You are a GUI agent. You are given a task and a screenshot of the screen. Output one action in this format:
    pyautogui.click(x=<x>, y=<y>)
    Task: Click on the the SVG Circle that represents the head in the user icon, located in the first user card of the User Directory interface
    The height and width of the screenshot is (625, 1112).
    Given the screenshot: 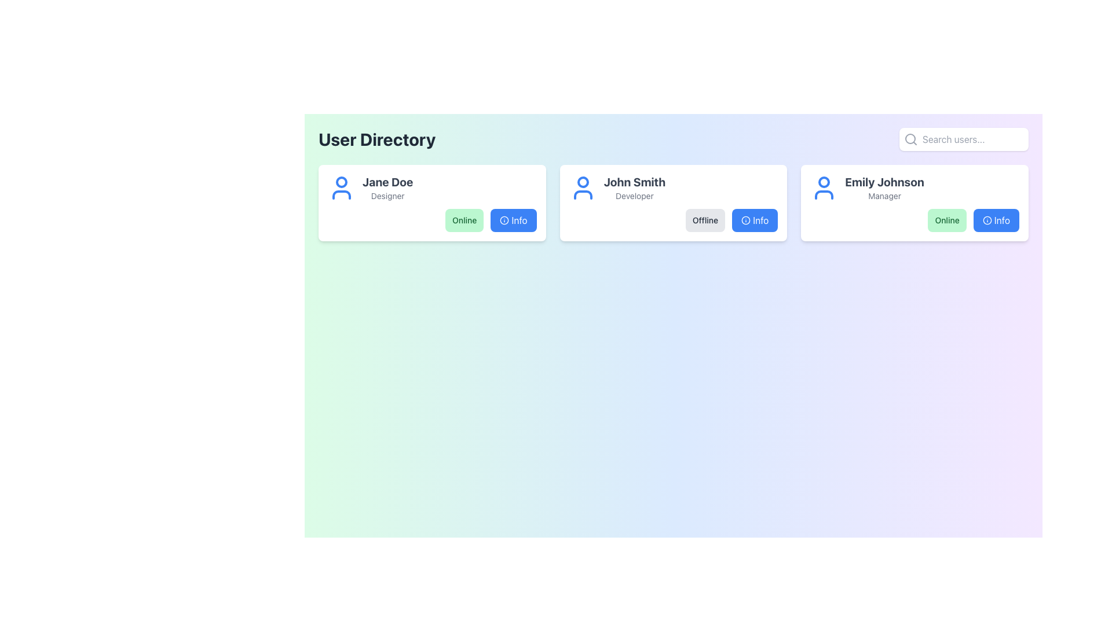 What is the action you would take?
    pyautogui.click(x=341, y=182)
    